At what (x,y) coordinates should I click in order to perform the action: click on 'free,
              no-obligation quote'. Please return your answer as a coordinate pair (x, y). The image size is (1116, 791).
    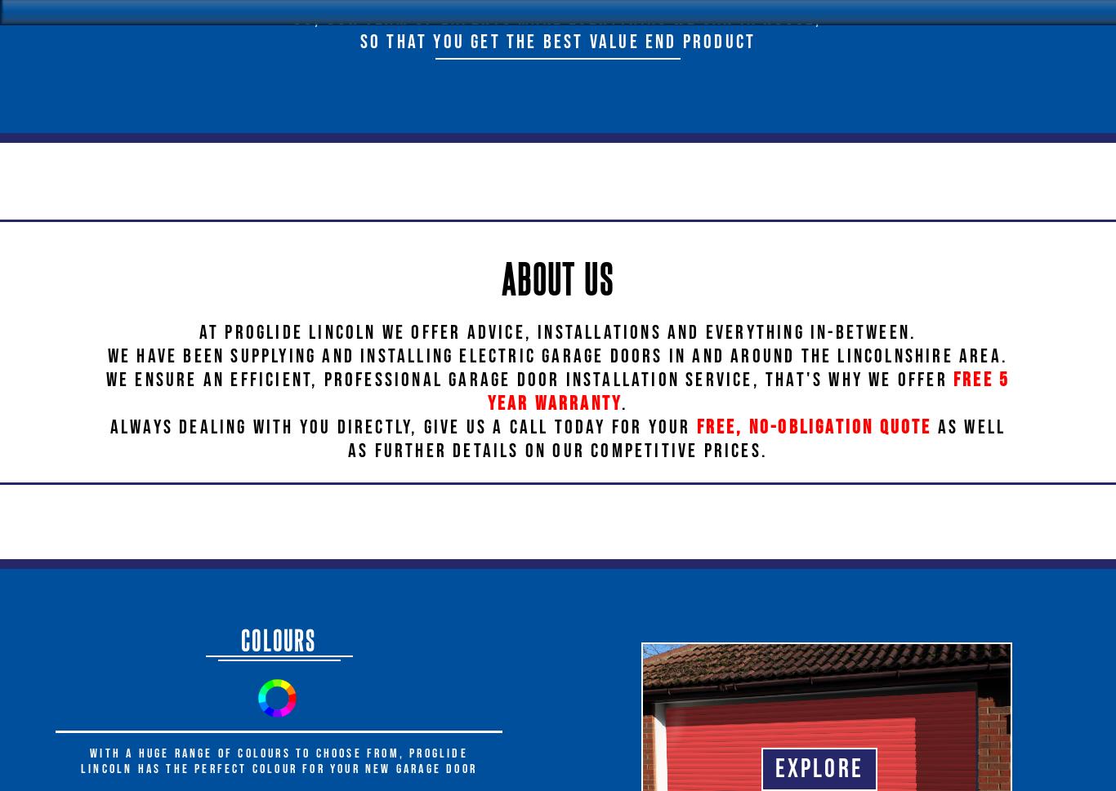
    Looking at the image, I should click on (813, 426).